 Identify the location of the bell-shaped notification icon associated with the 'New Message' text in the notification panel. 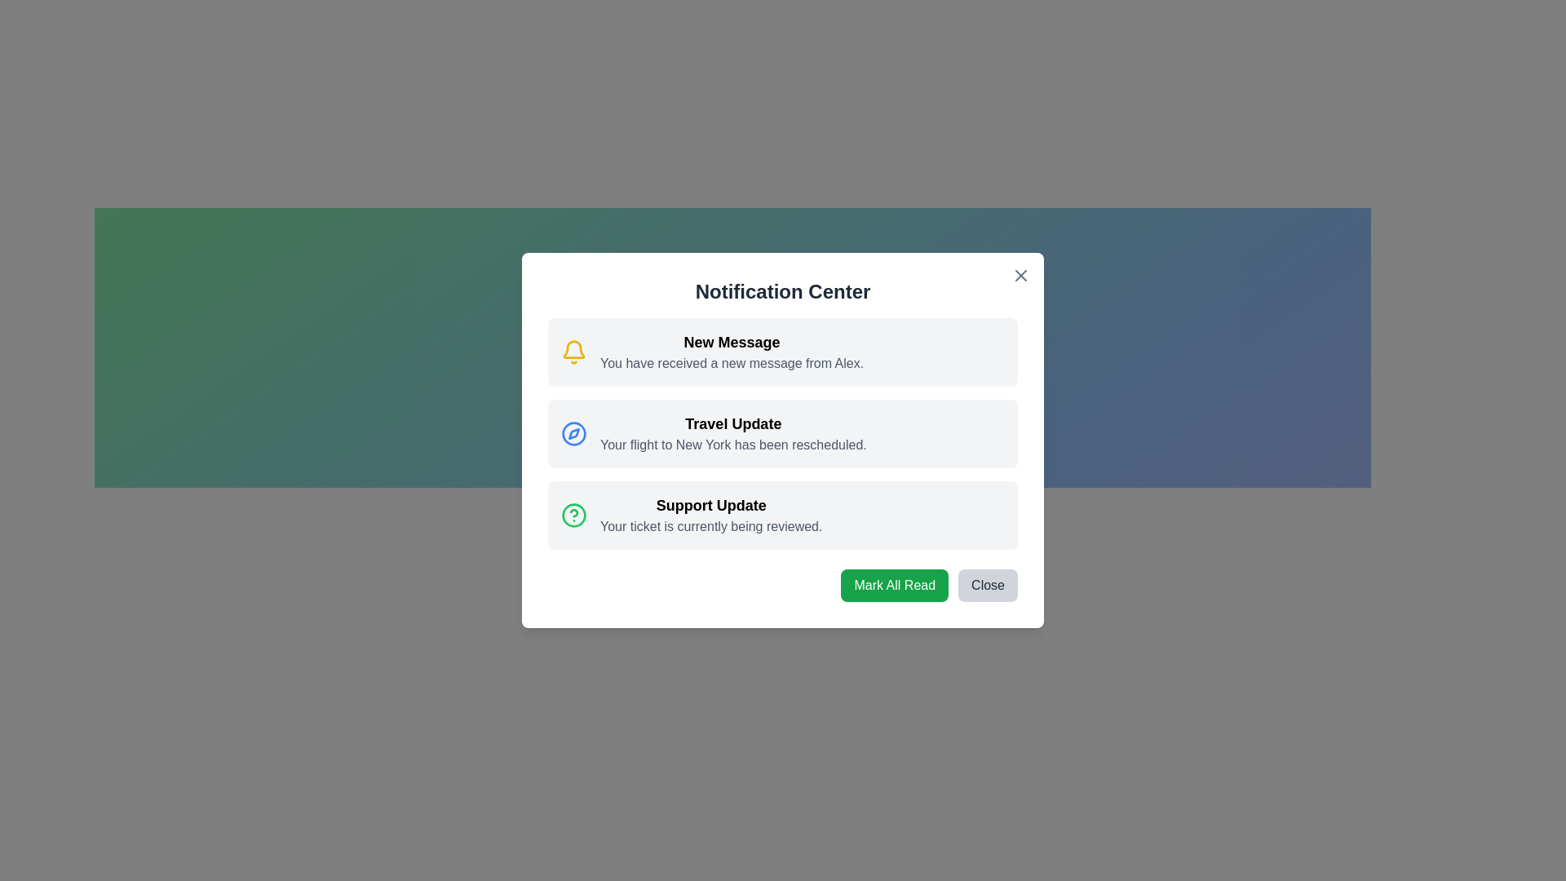
(574, 352).